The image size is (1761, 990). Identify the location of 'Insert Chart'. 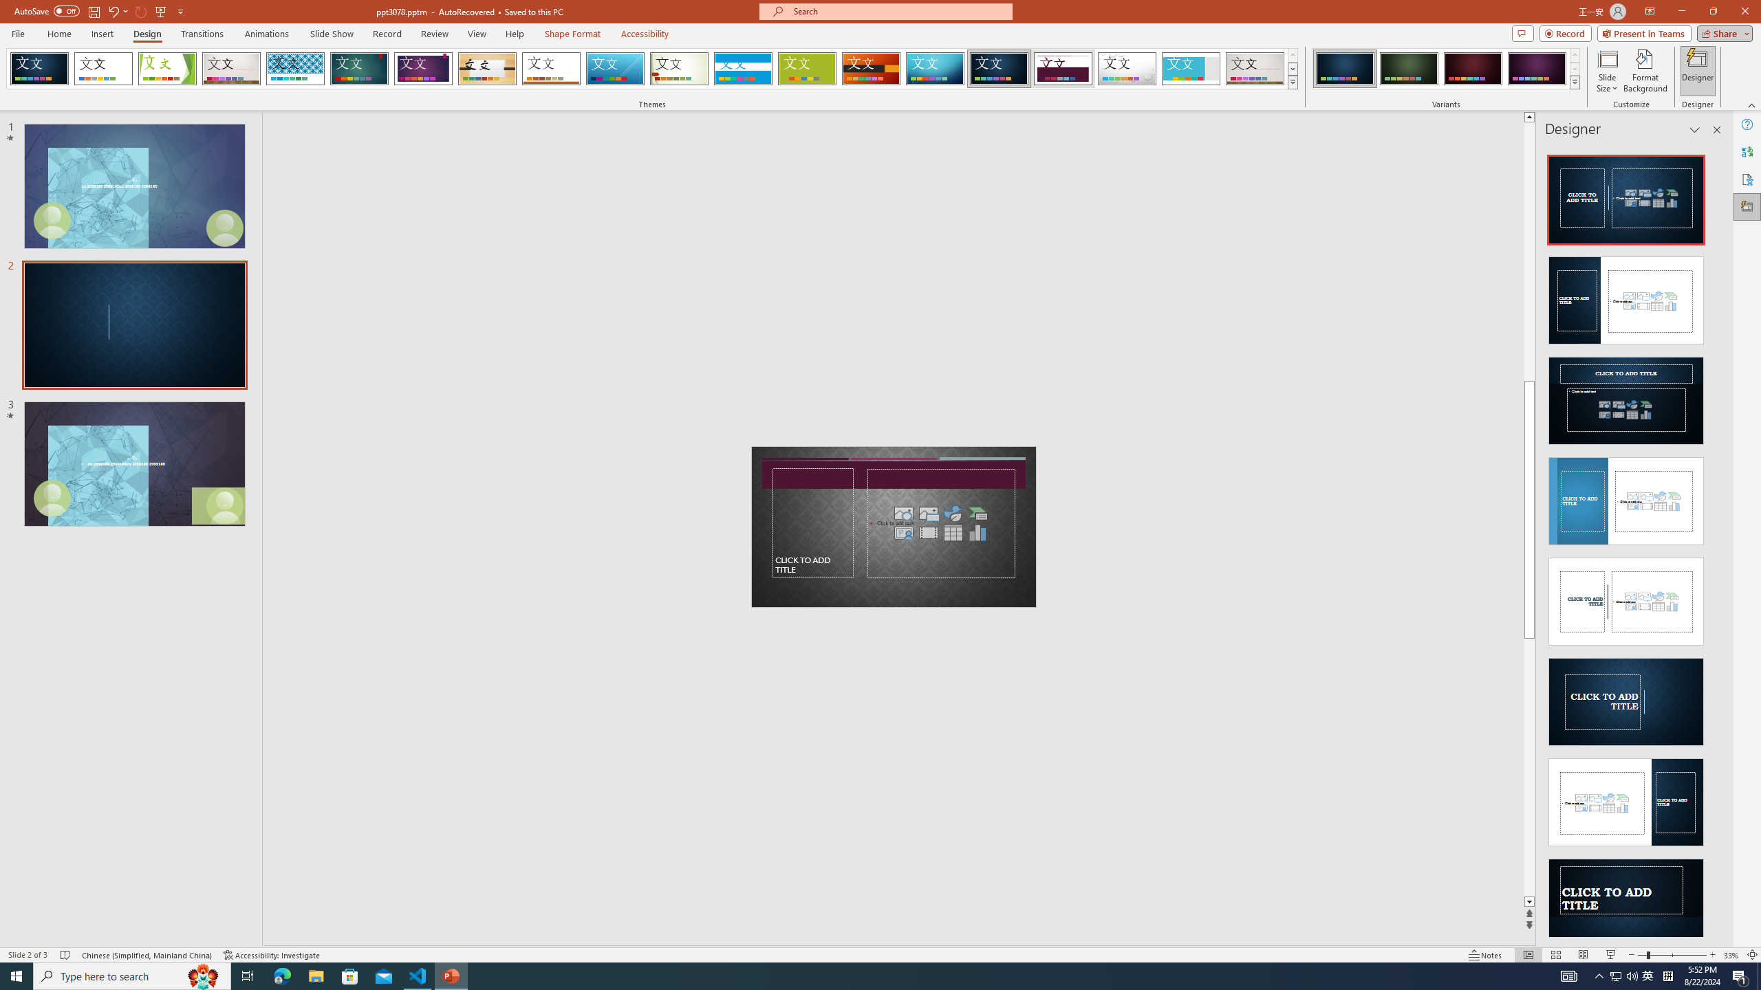
(978, 531).